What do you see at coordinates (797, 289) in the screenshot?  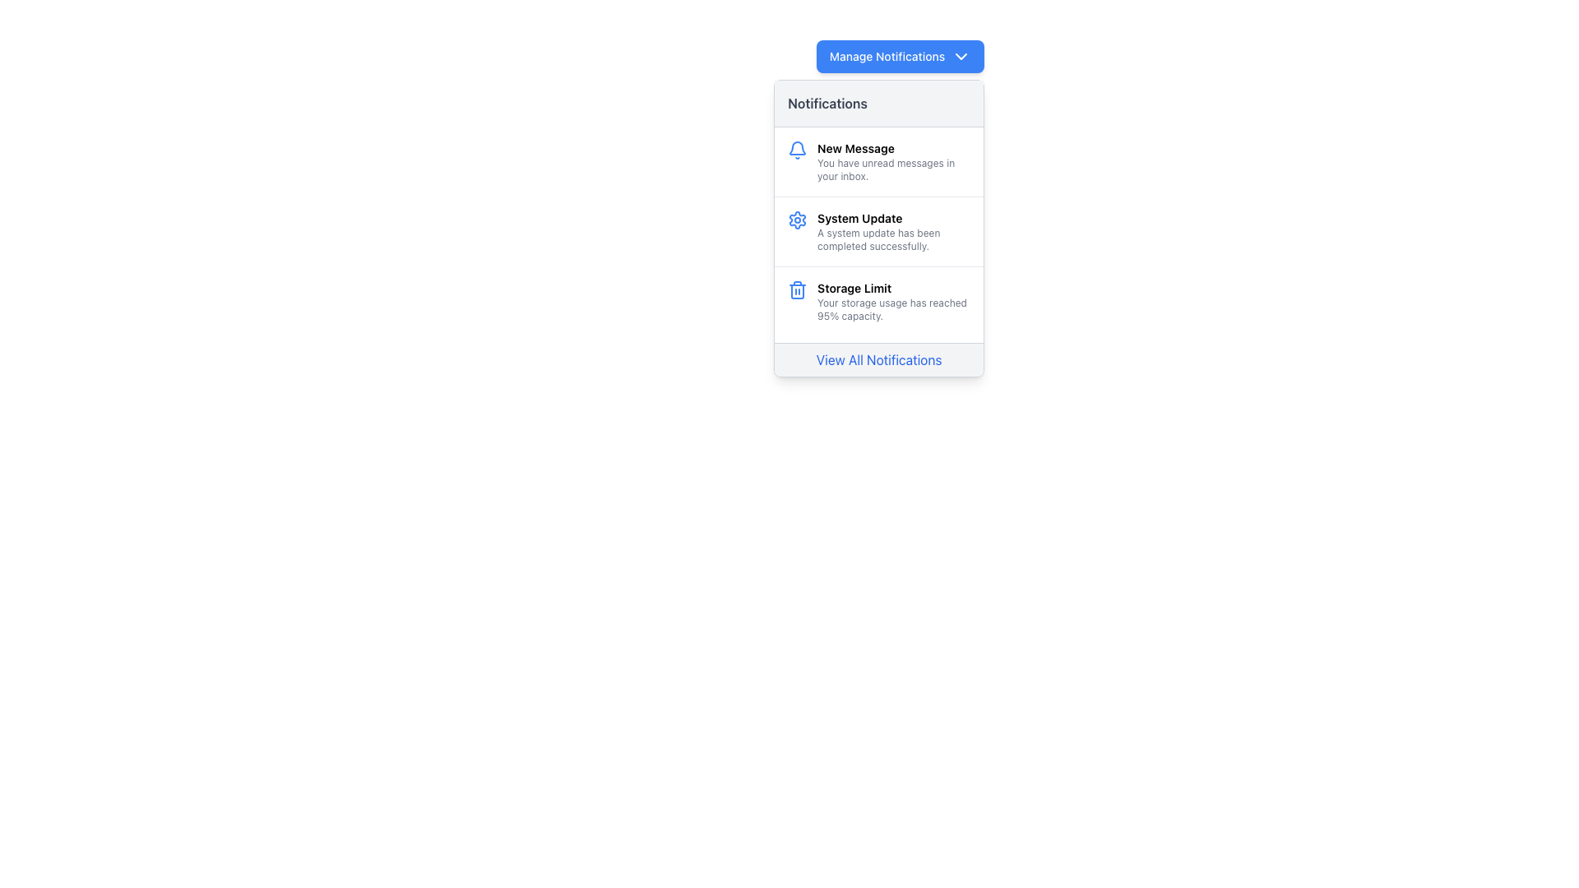 I see `the blue trash icon with a minimalist design` at bounding box center [797, 289].